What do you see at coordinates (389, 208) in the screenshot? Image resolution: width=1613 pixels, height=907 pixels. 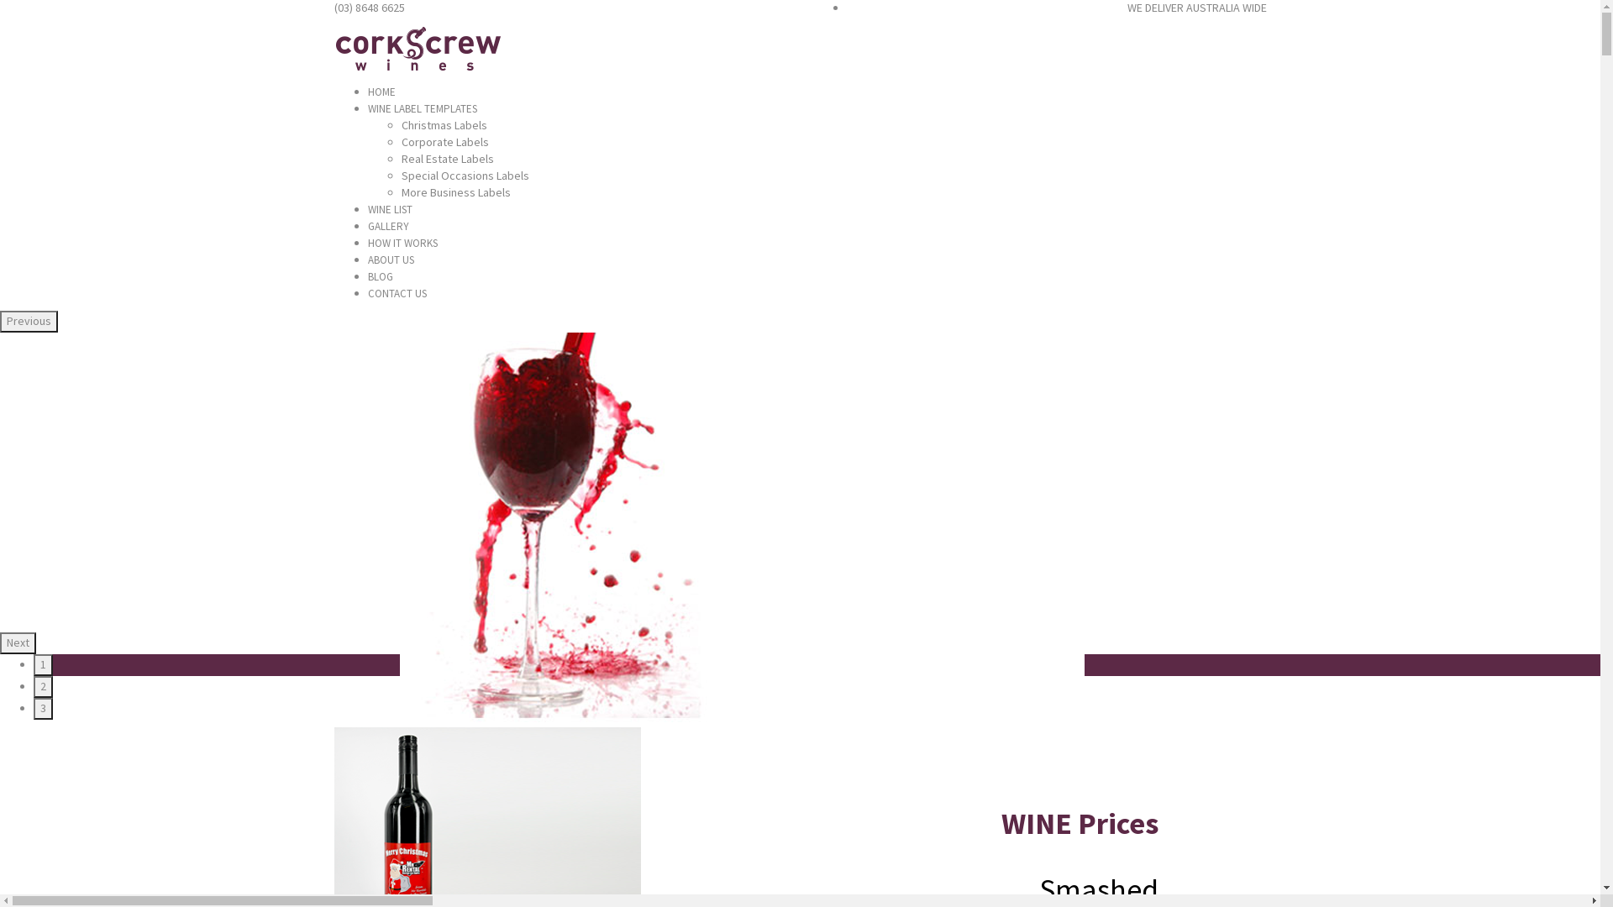 I see `'WINE LIST'` at bounding box center [389, 208].